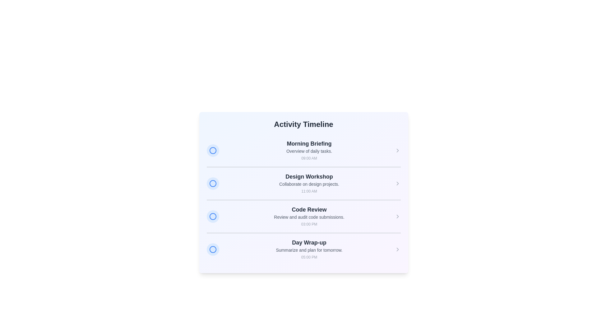 This screenshot has height=336, width=597. Describe the element at coordinates (213, 216) in the screenshot. I see `the circular icon with a blue outline located next to the 'Code Review' item in the vertical timeline` at that location.